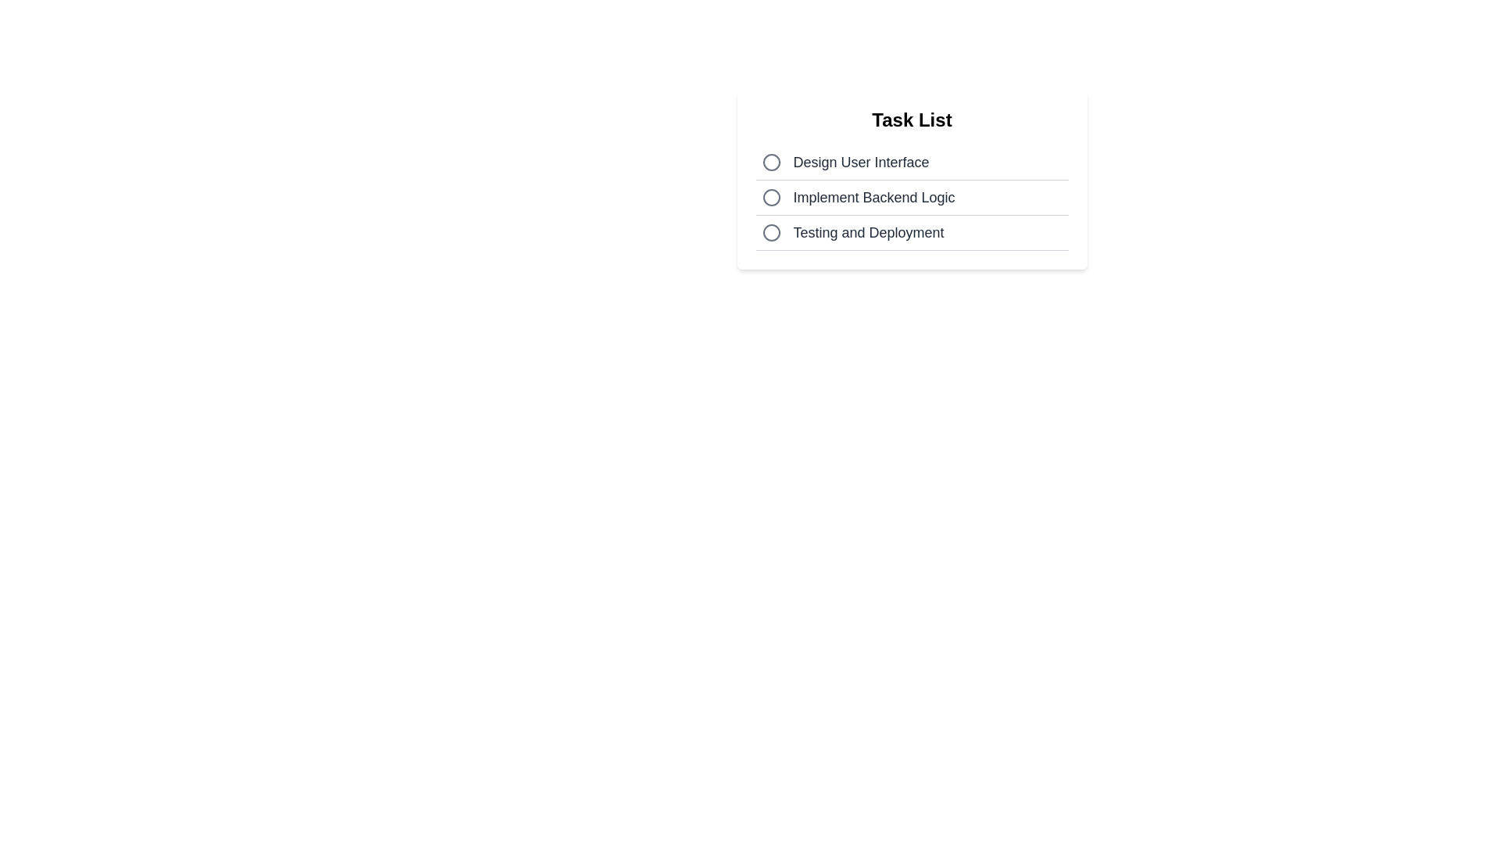 This screenshot has width=1500, height=844. I want to click on the toggle button of the Checkbox labeled 'Testing and Deployment', so click(912, 233).